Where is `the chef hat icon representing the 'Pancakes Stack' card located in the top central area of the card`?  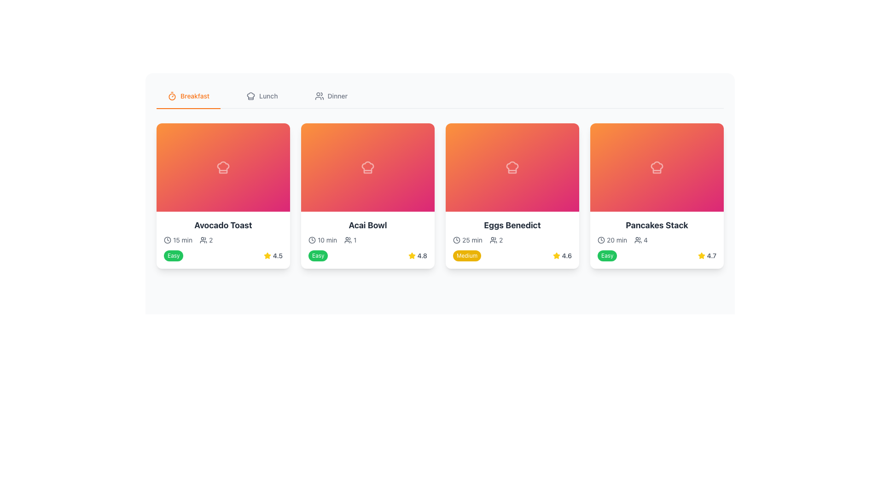
the chef hat icon representing the 'Pancakes Stack' card located in the top central area of the card is located at coordinates (656, 167).